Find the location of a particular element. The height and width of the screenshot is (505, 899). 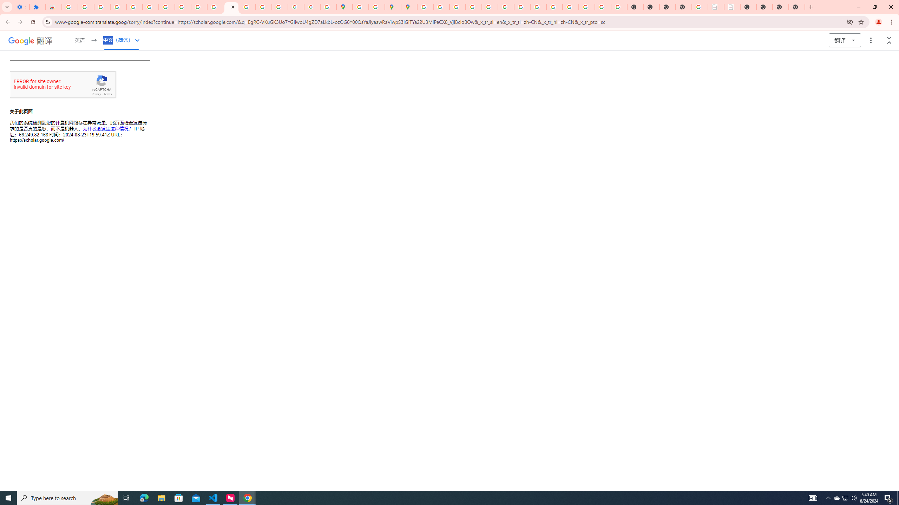

'LAAD Defence & Security 2025 | BAE Systems' is located at coordinates (716, 7).